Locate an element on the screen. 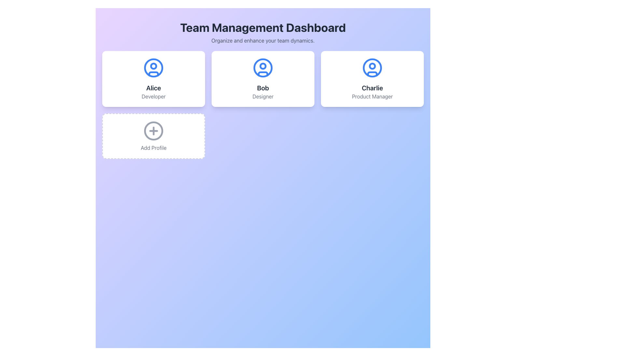 The height and width of the screenshot is (351, 625). the text label displaying the role title 'Product Manager' located below the name 'Charlie' in the rightmost profile card of the grid arrangement is located at coordinates (372, 97).